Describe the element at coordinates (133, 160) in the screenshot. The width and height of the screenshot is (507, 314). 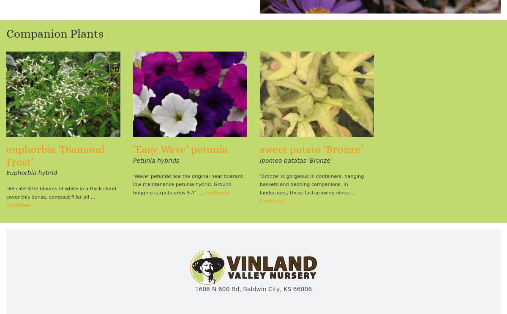
I see `'Petunia hybrids'` at that location.